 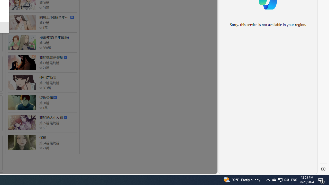 What do you see at coordinates (323, 169) in the screenshot?
I see `'Settings'` at bounding box center [323, 169].